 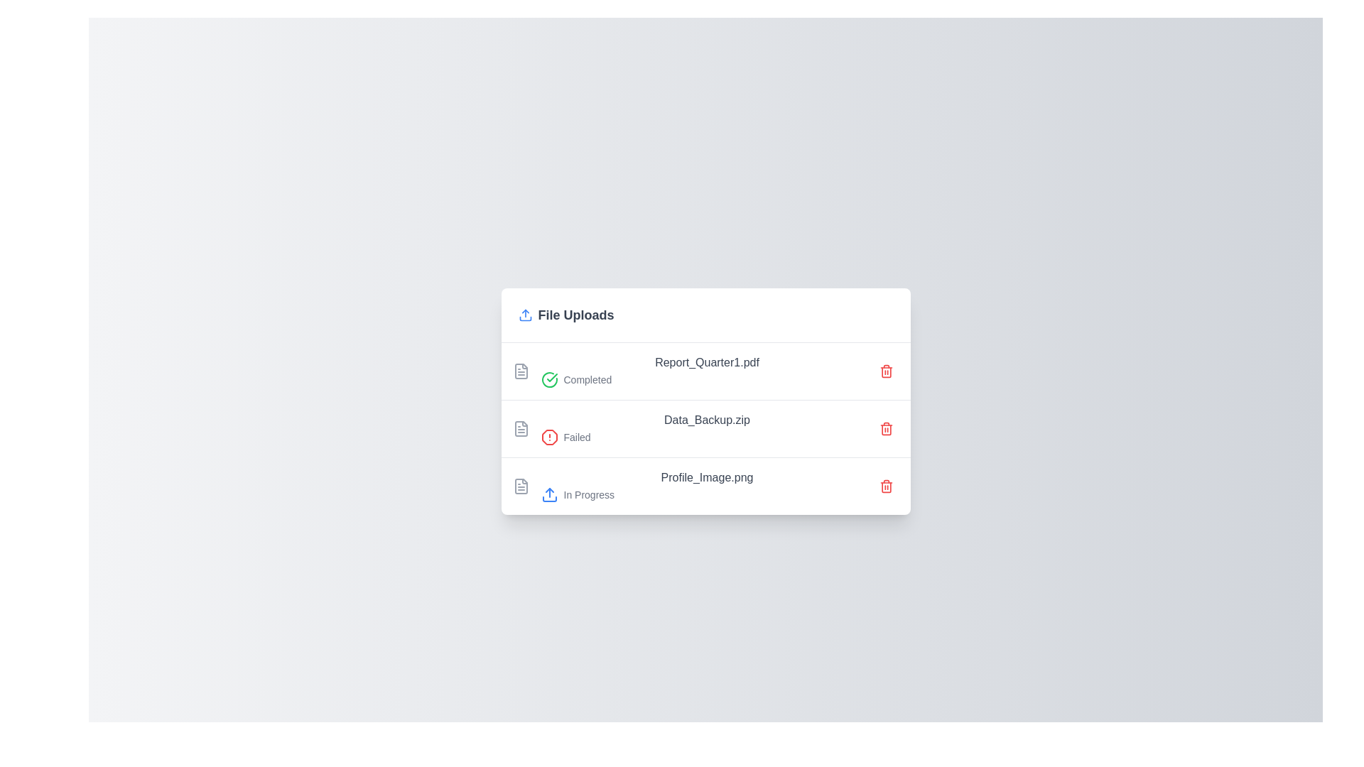 I want to click on the third row entry in the file management list displaying 'Profile_Image.png' with status 'In Progress', so click(x=705, y=484).